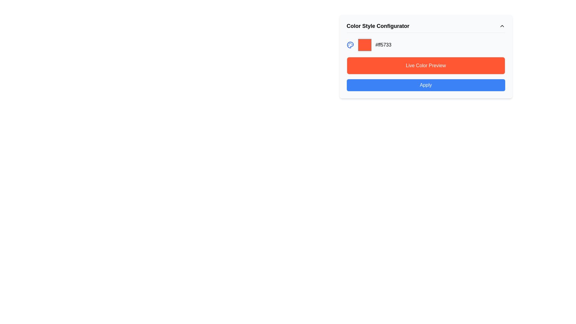 The height and width of the screenshot is (324, 576). Describe the element at coordinates (425, 66) in the screenshot. I see `the text label reading 'Live Color Preview', which is styled with a white font on a vibrant orange background, located above the blue 'Apply' button` at that location.